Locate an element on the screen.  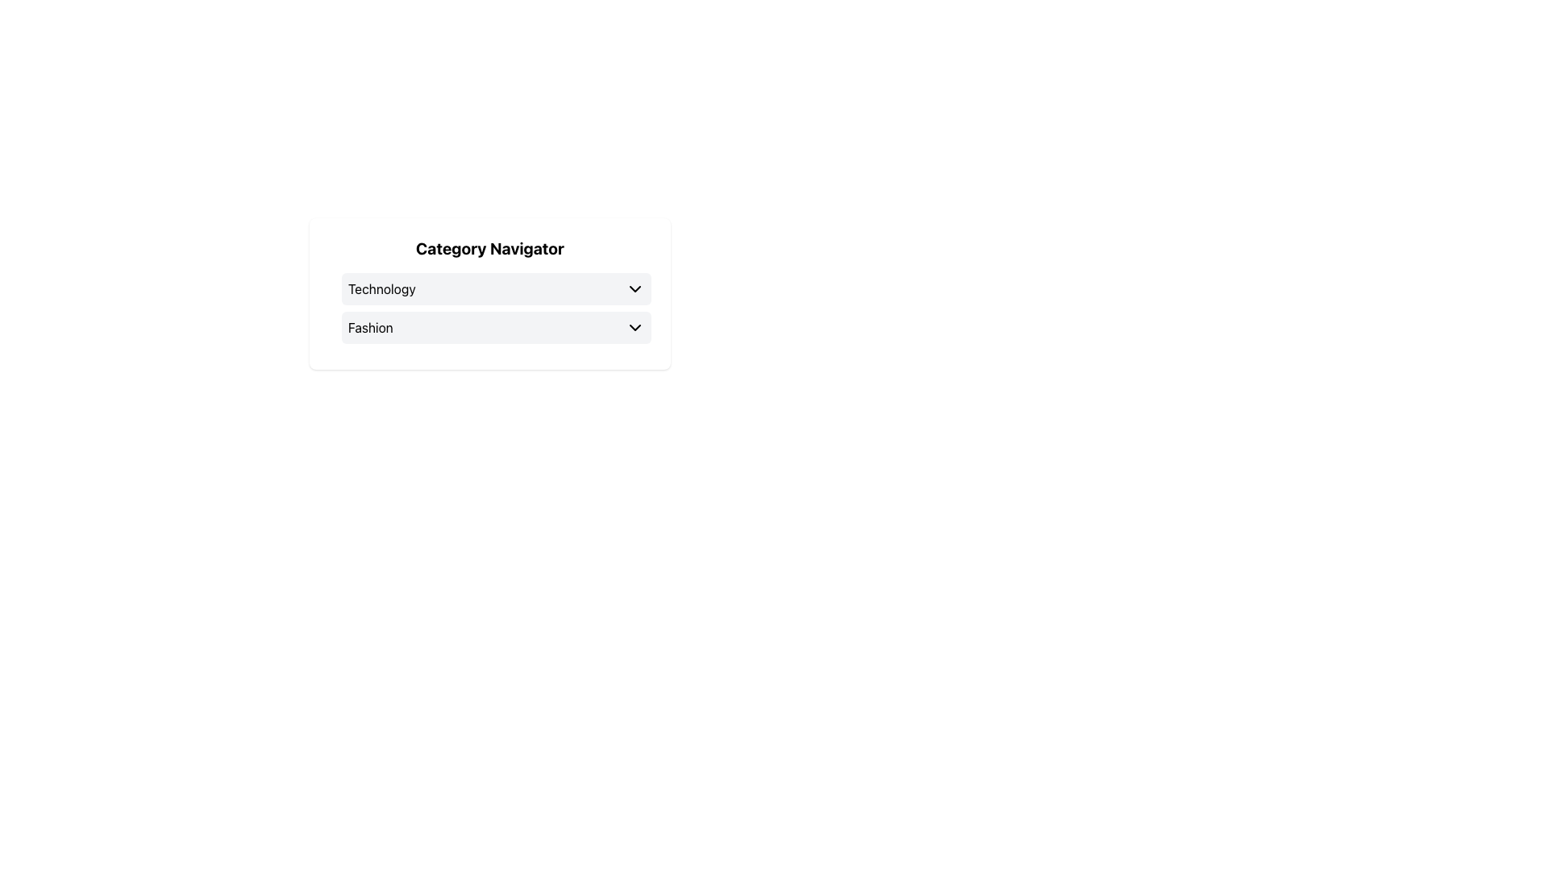
the 'Fashion' label is located at coordinates (369, 327).